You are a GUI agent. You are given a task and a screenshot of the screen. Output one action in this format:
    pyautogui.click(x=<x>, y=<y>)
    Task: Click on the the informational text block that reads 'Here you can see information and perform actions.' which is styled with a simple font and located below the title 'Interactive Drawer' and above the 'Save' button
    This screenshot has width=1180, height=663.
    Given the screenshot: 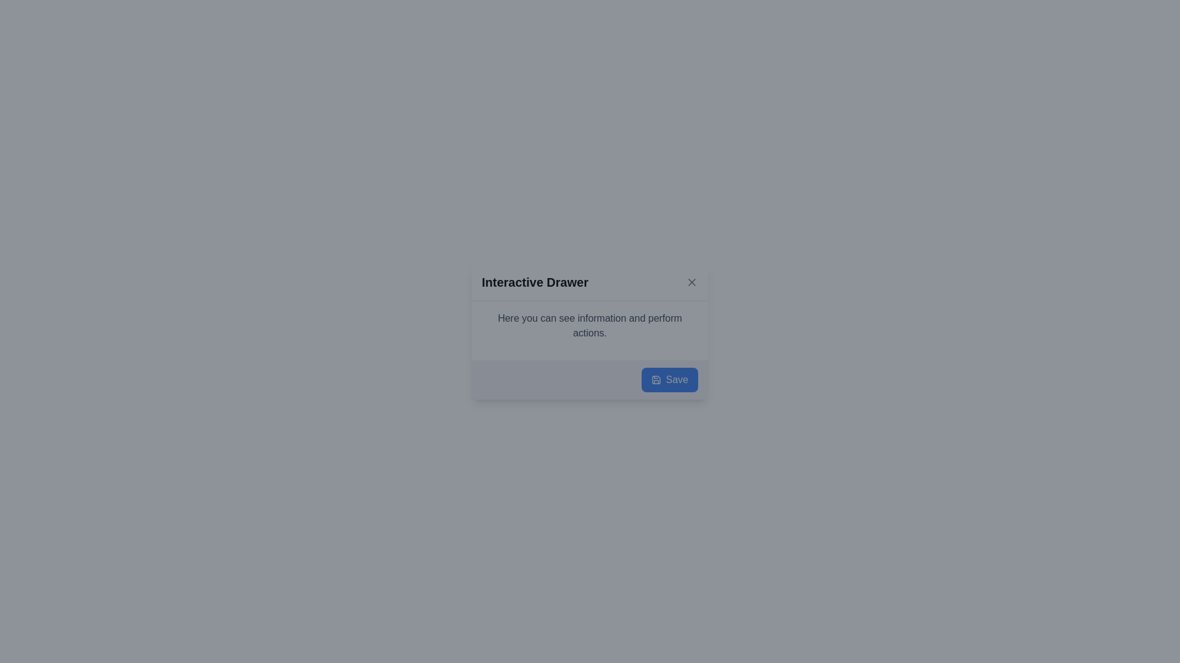 What is the action you would take?
    pyautogui.click(x=590, y=329)
    